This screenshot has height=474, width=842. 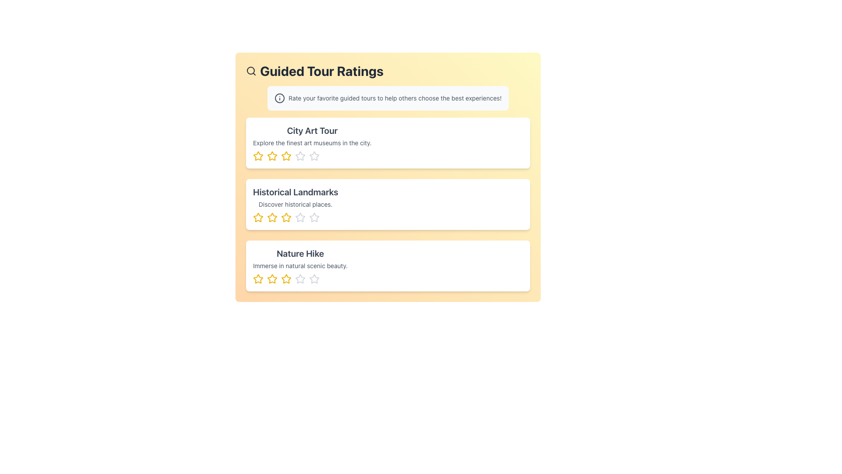 I want to click on the text label displaying 'Discover historical places.' located below the 'Historical Landmarks' heading and above the star rating icons, so click(x=296, y=205).